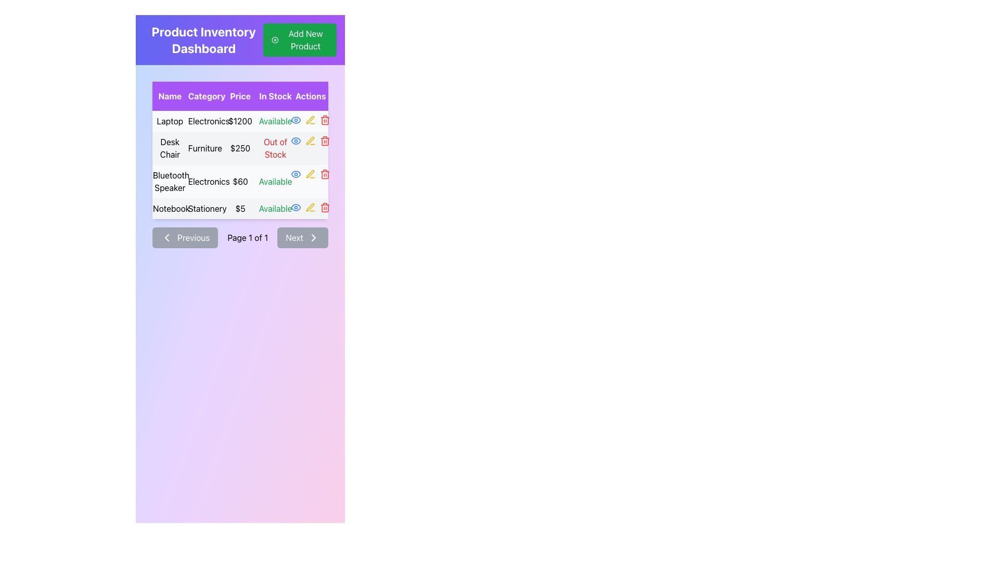 Image resolution: width=999 pixels, height=562 pixels. Describe the element at coordinates (239, 181) in the screenshot. I see `the Table Row Content displaying information about the 'Bluetooth Speaker' product, located in the third row of the table directly beneath the 'Desk Chair' row` at that location.